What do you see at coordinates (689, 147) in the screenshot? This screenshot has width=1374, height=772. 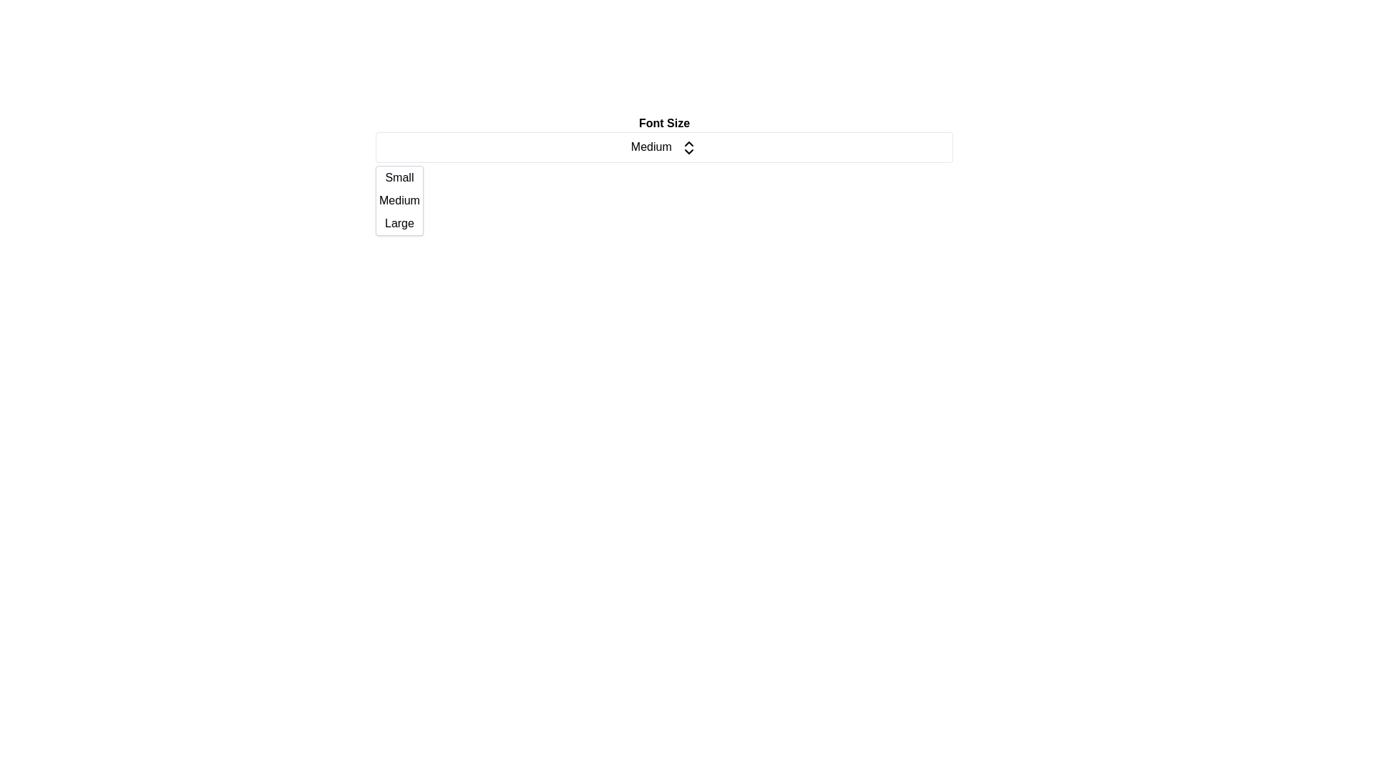 I see `the icon on the right-hand side of the text 'Medium'` at bounding box center [689, 147].